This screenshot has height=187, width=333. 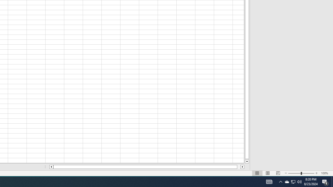 I want to click on 'Page Break Preview', so click(x=278, y=173).